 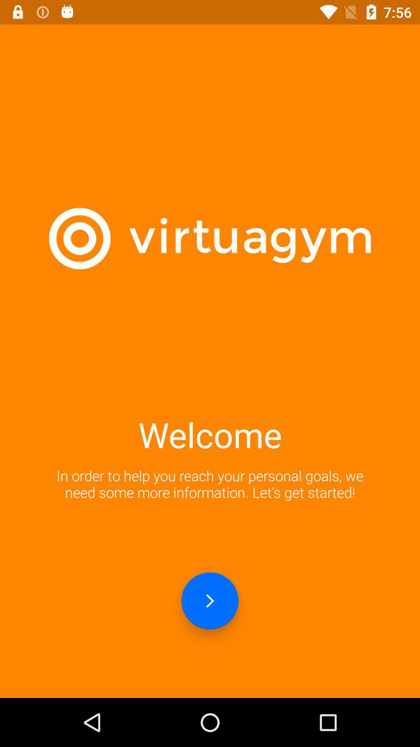 I want to click on next, so click(x=210, y=600).